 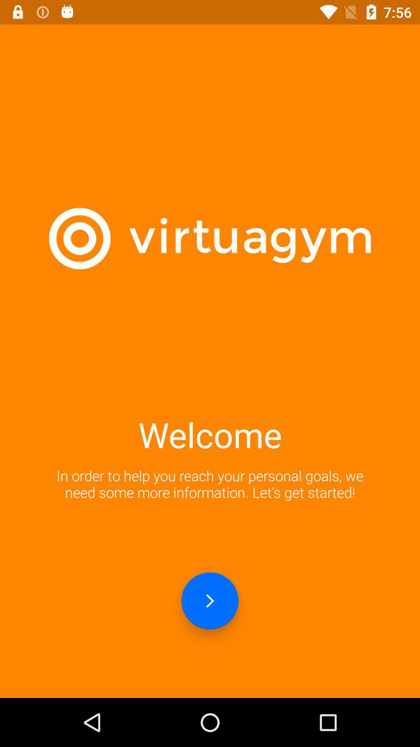 I want to click on next, so click(x=210, y=600).